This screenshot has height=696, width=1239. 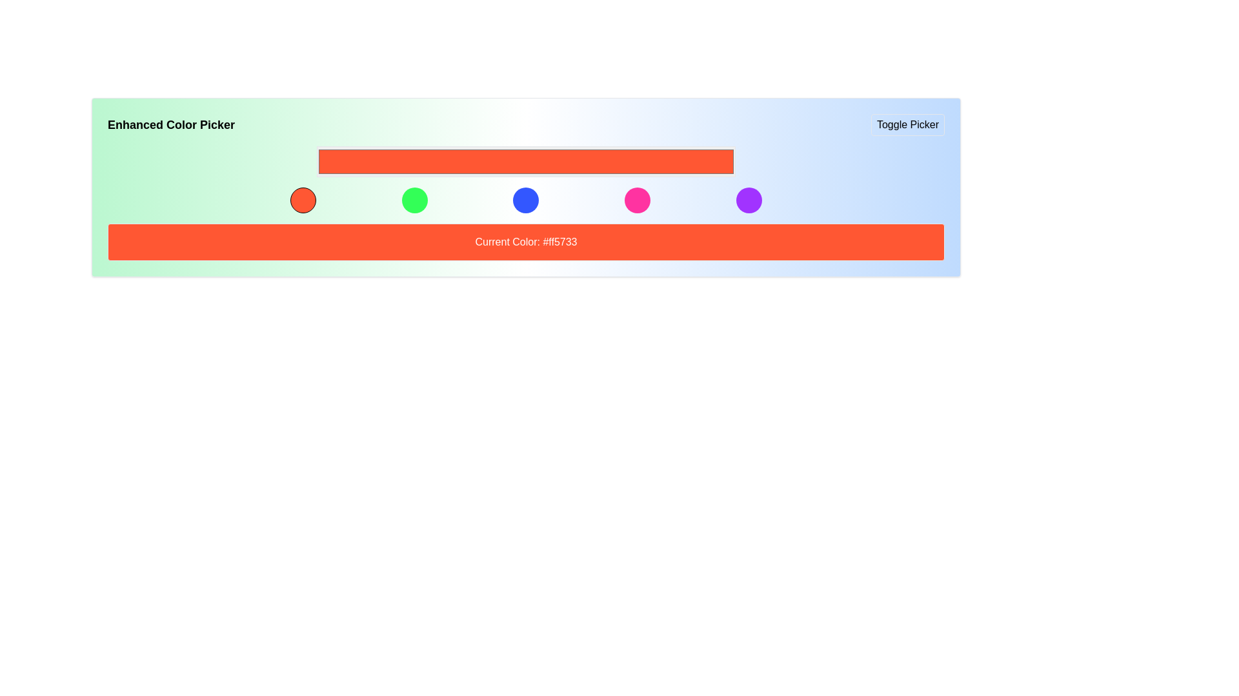 What do you see at coordinates (316, 160) in the screenshot?
I see `color` at bounding box center [316, 160].